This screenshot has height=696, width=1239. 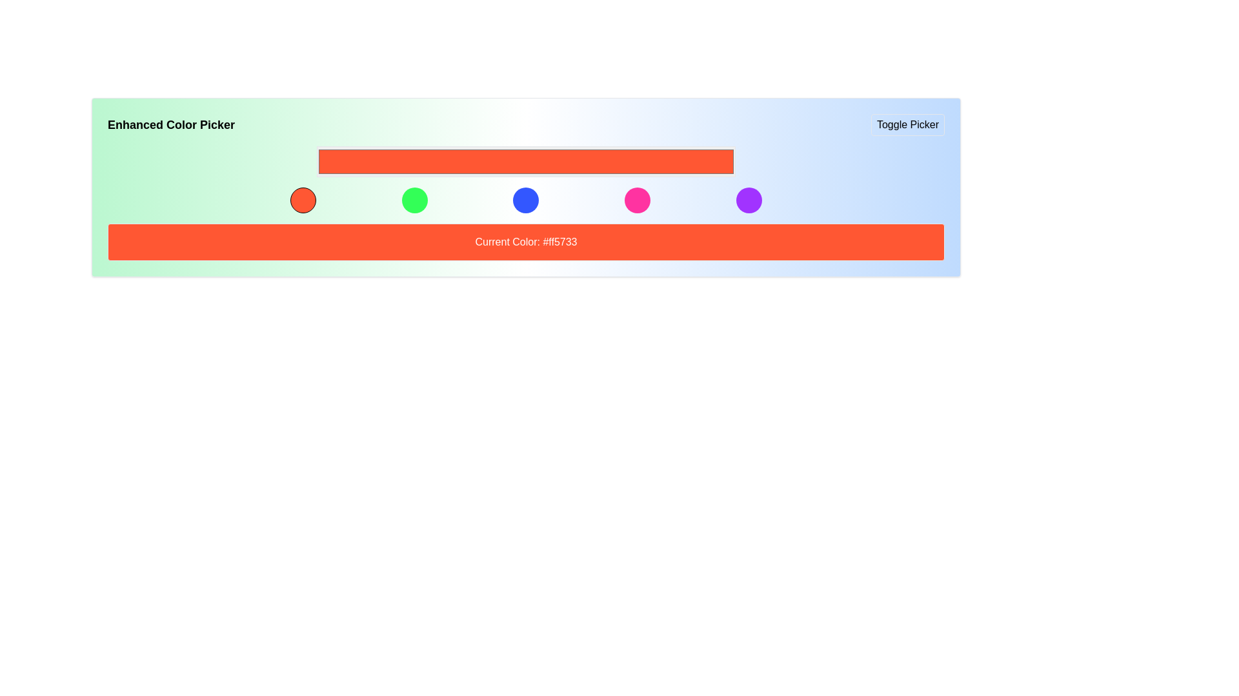 What do you see at coordinates (316, 160) in the screenshot?
I see `color` at bounding box center [316, 160].